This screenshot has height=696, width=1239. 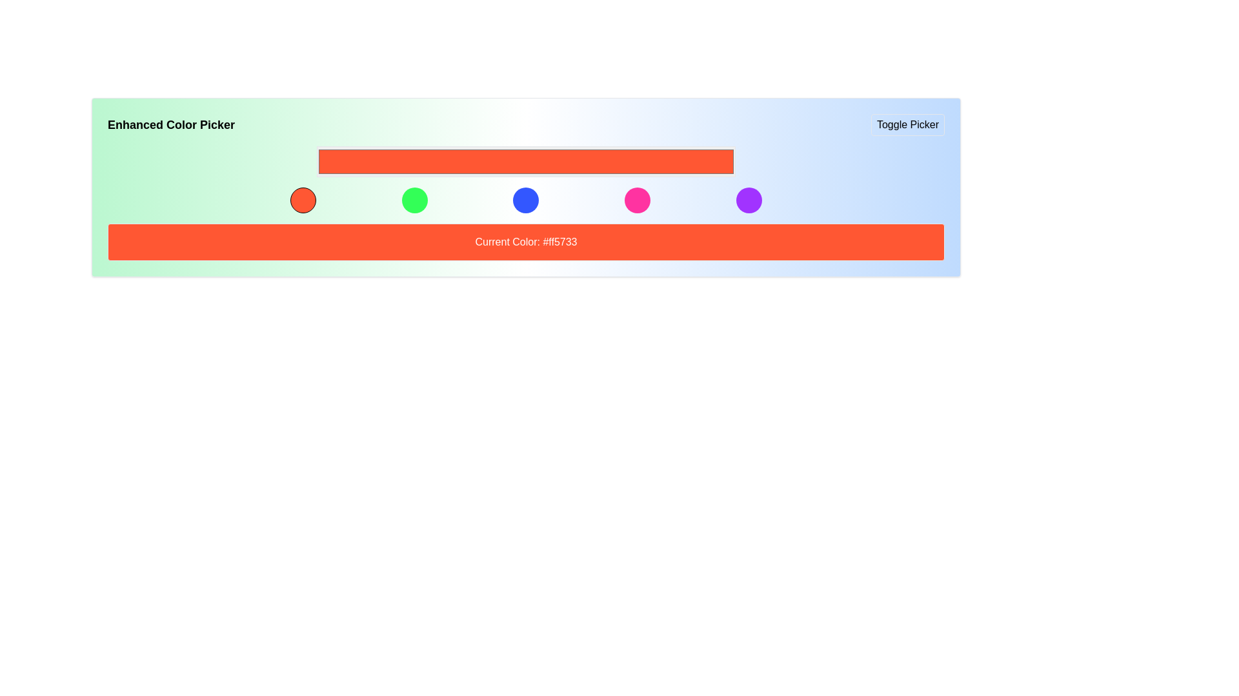 What do you see at coordinates (316, 160) in the screenshot?
I see `color` at bounding box center [316, 160].